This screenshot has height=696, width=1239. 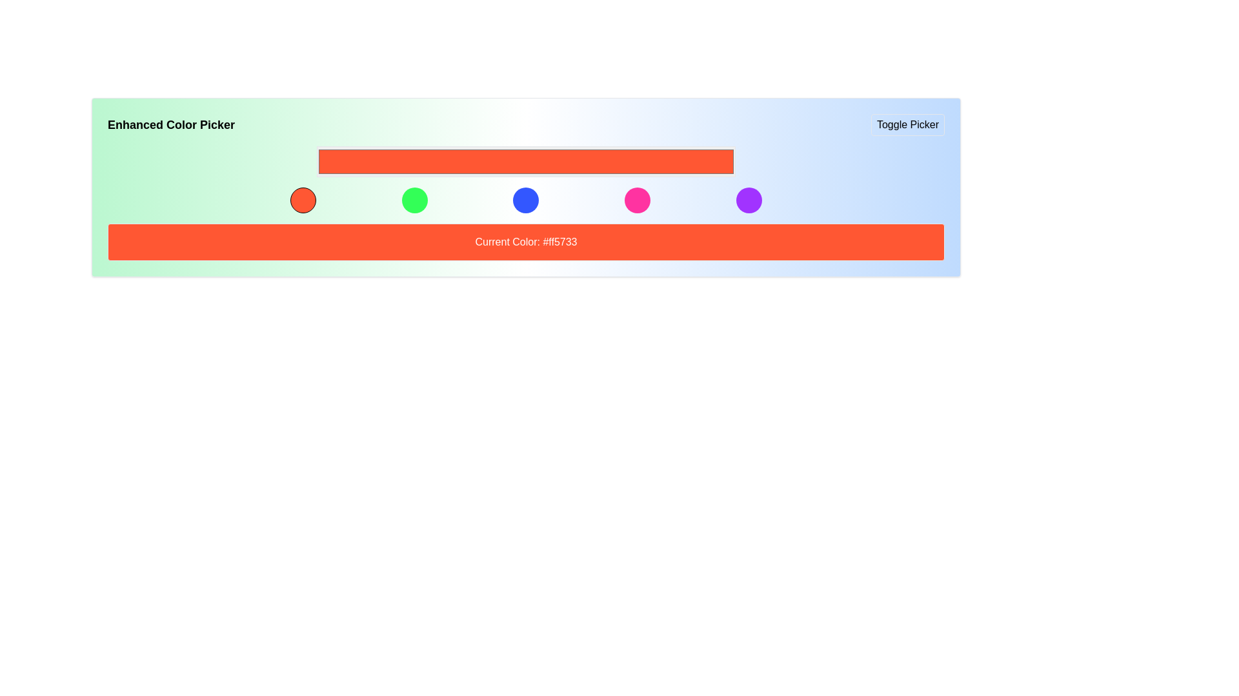 What do you see at coordinates (316, 160) in the screenshot?
I see `color` at bounding box center [316, 160].